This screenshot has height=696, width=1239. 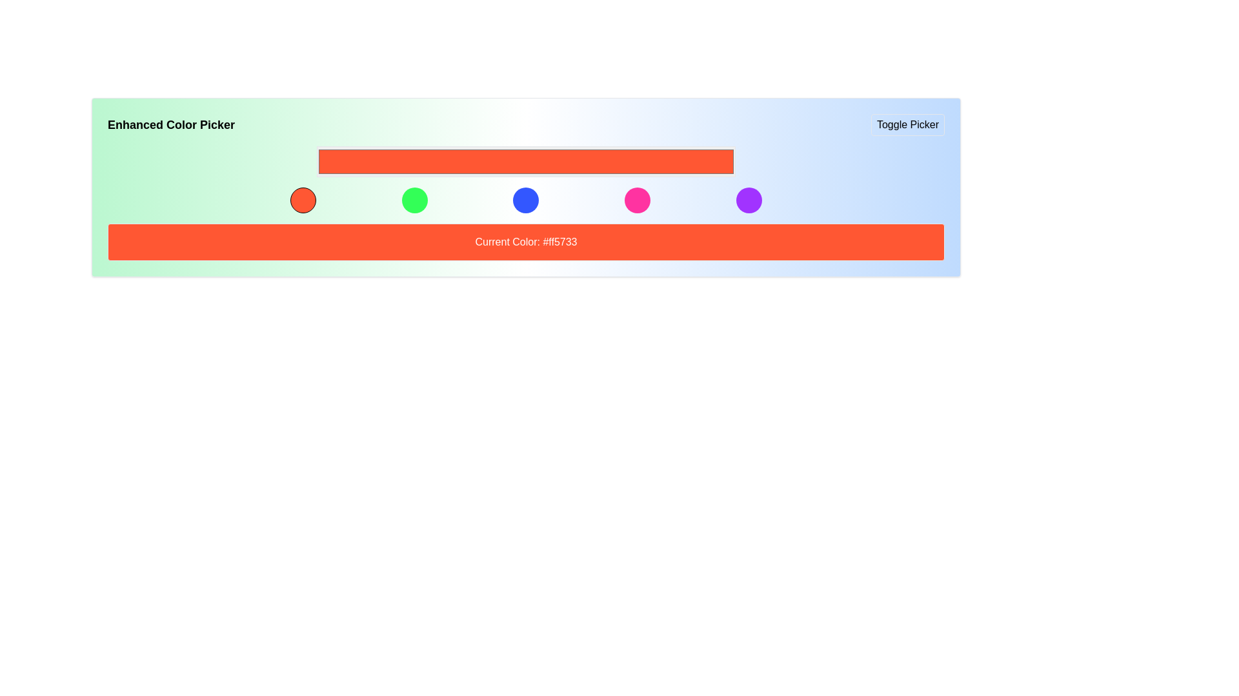 What do you see at coordinates (316, 160) in the screenshot?
I see `color` at bounding box center [316, 160].